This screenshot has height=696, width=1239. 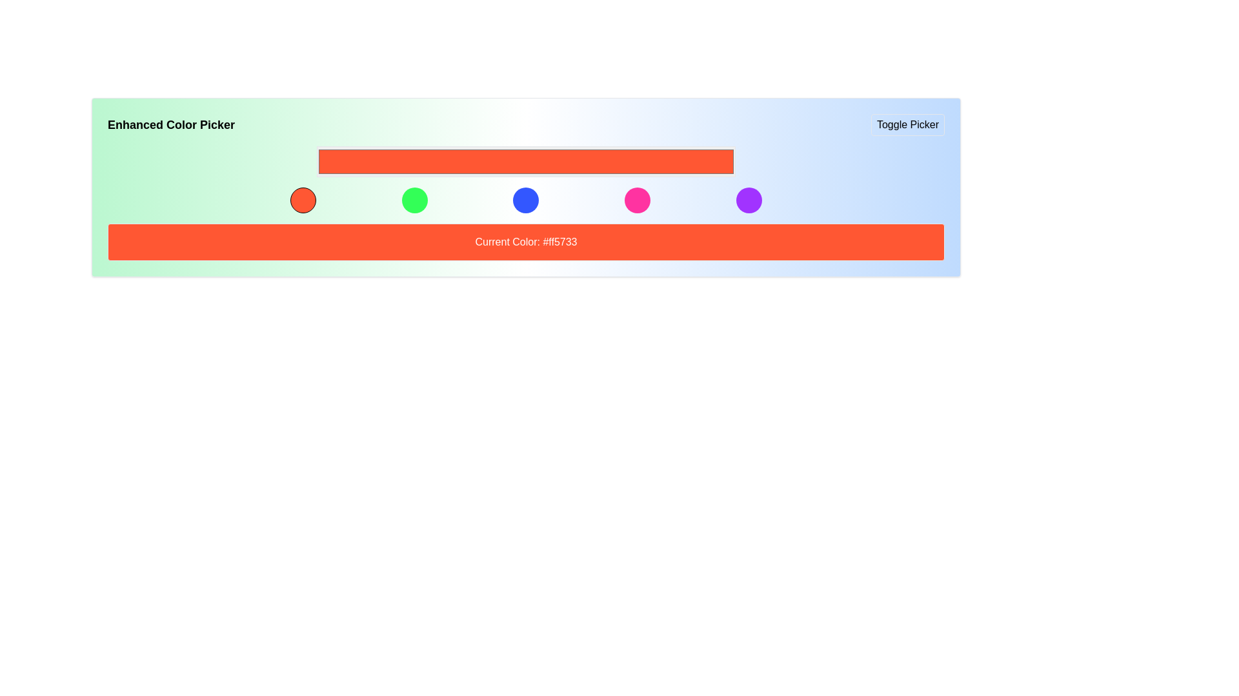 What do you see at coordinates (316, 160) in the screenshot?
I see `color` at bounding box center [316, 160].